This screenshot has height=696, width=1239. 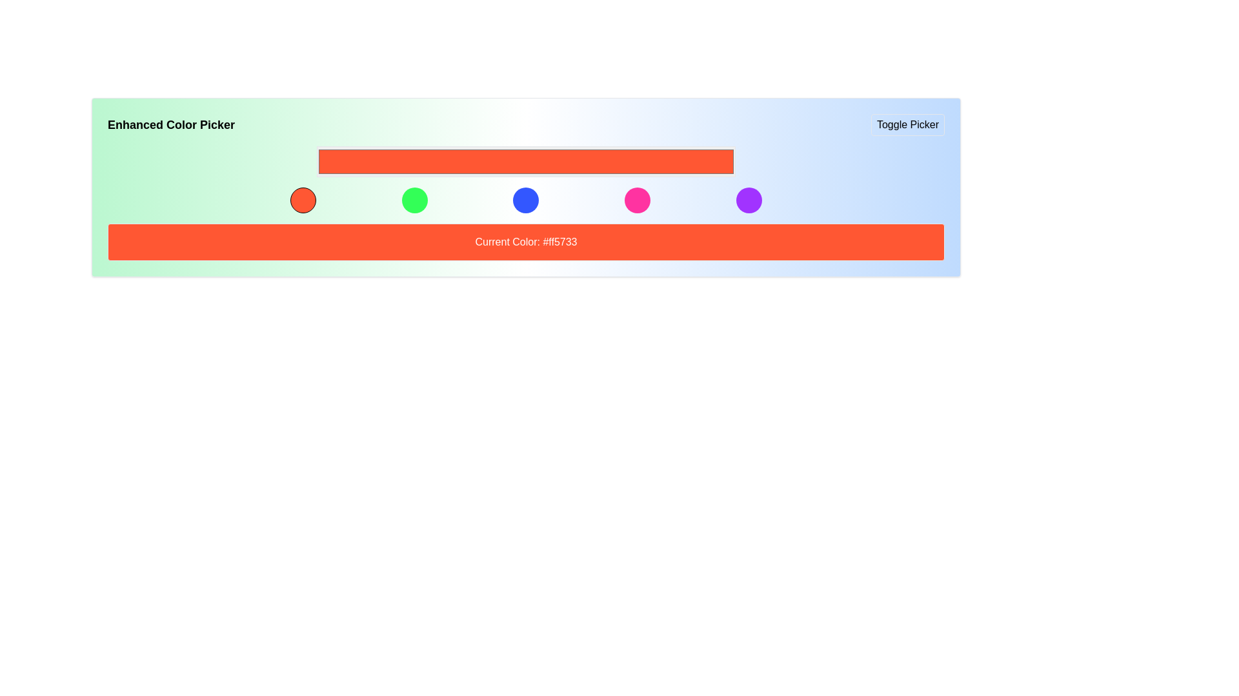 What do you see at coordinates (316, 160) in the screenshot?
I see `color` at bounding box center [316, 160].